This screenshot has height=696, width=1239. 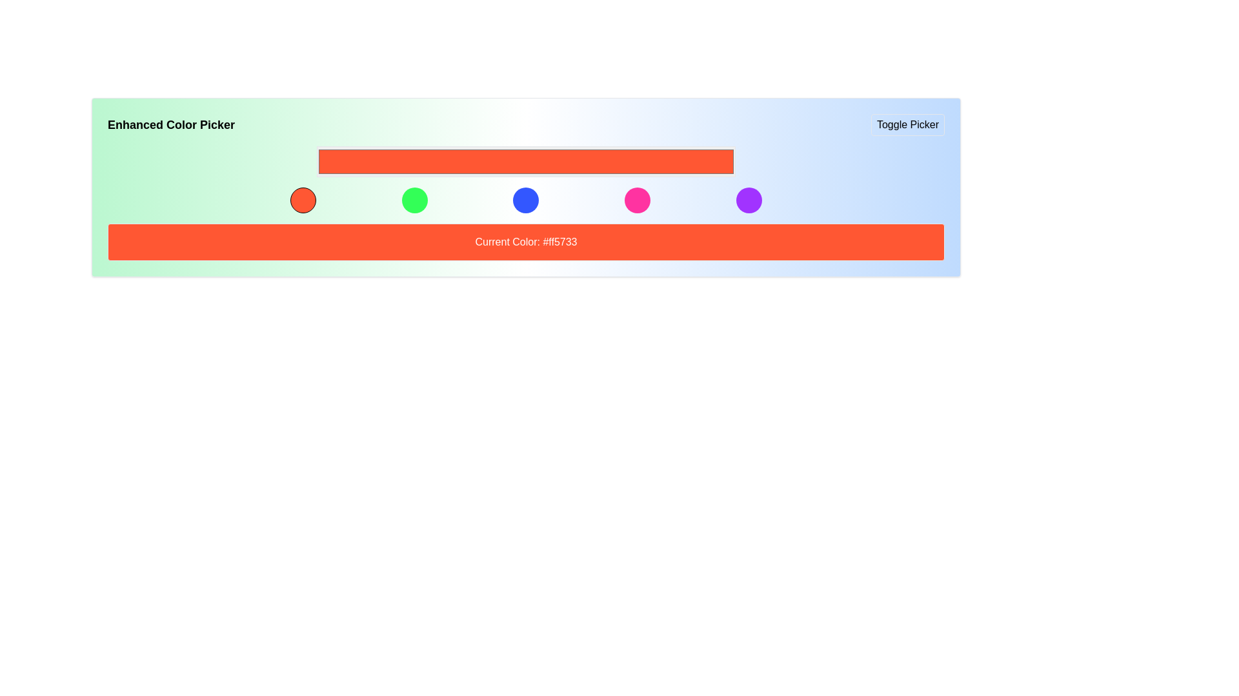 What do you see at coordinates (316, 160) in the screenshot?
I see `color` at bounding box center [316, 160].